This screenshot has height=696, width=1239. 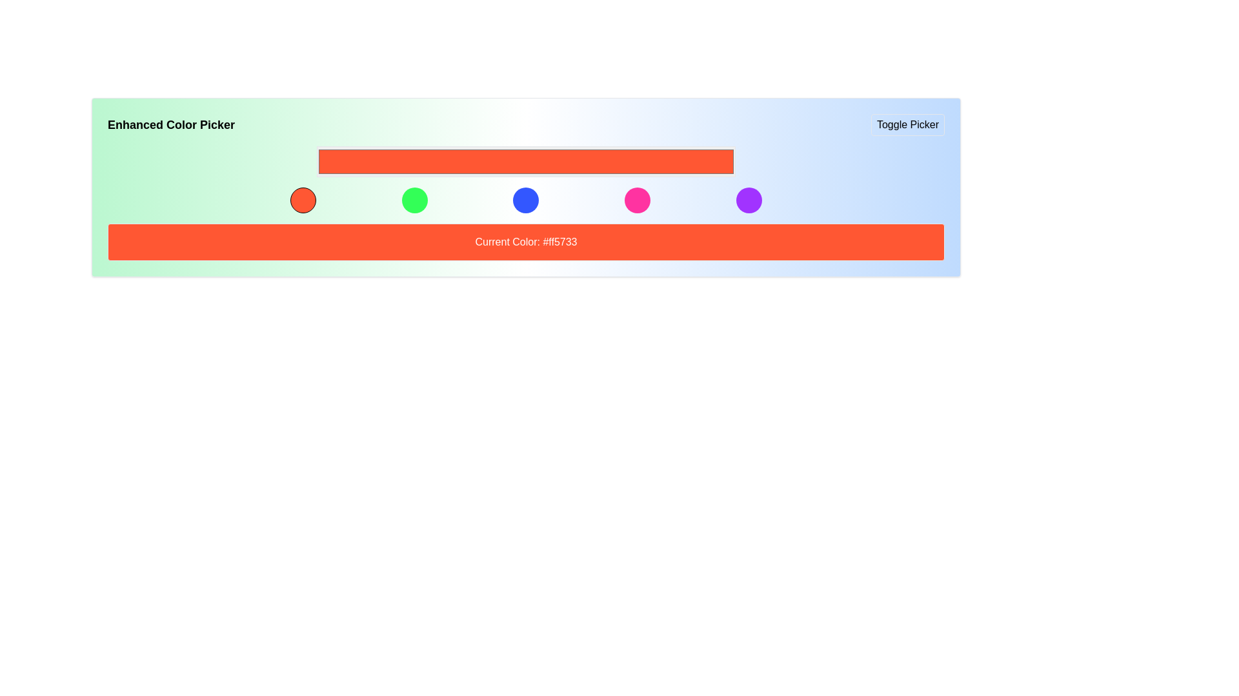 What do you see at coordinates (316, 160) in the screenshot?
I see `color` at bounding box center [316, 160].